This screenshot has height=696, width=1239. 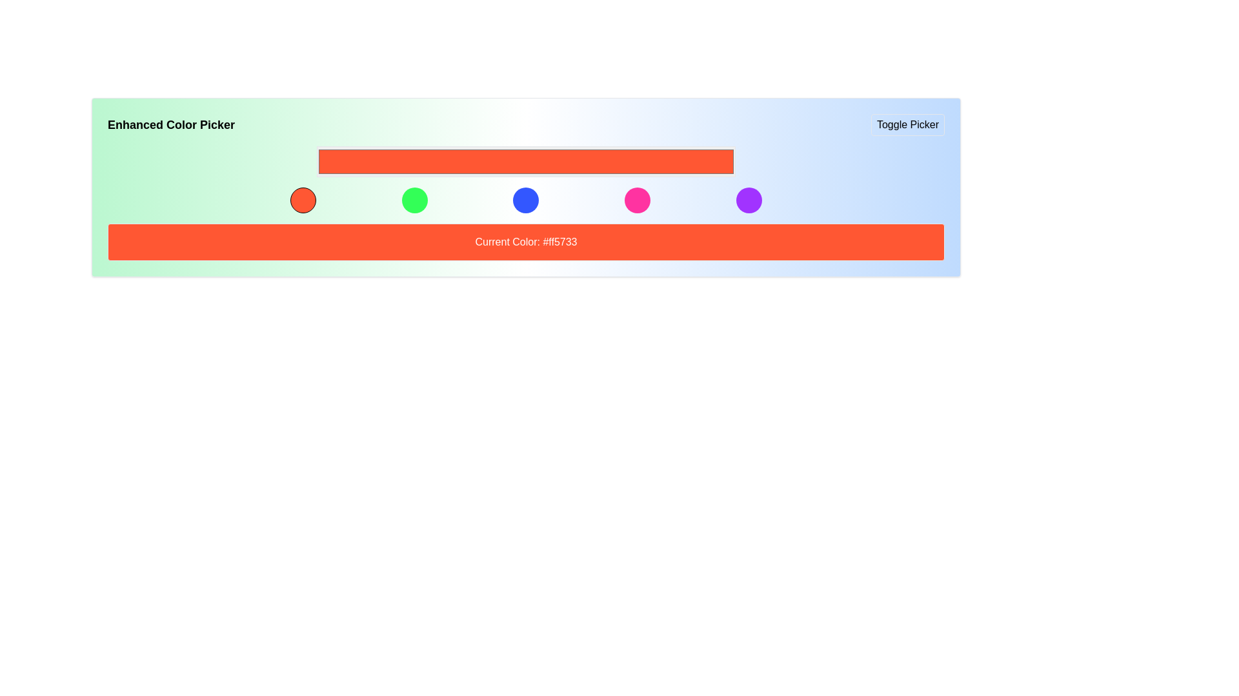 What do you see at coordinates (316, 160) in the screenshot?
I see `color` at bounding box center [316, 160].